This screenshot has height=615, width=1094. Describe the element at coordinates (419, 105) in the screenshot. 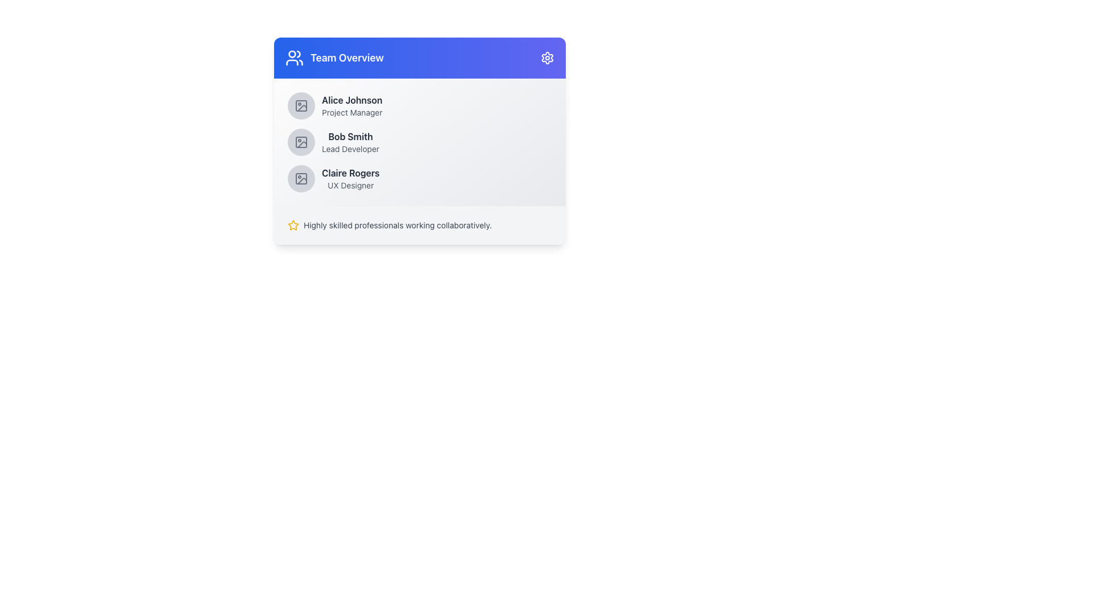

I see `the User Information Card displaying 'Alice Johnson'` at that location.